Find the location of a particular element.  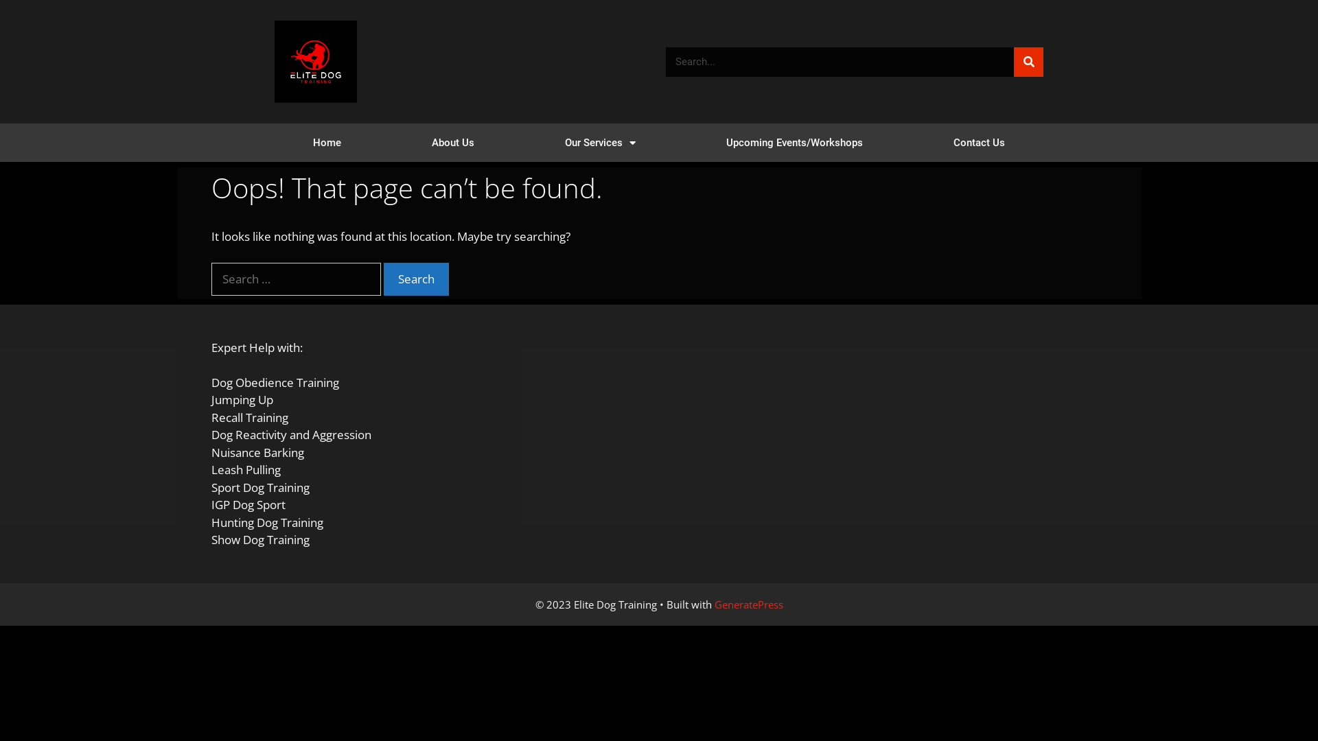

'Upcoming Events/Workshops' is located at coordinates (794, 143).